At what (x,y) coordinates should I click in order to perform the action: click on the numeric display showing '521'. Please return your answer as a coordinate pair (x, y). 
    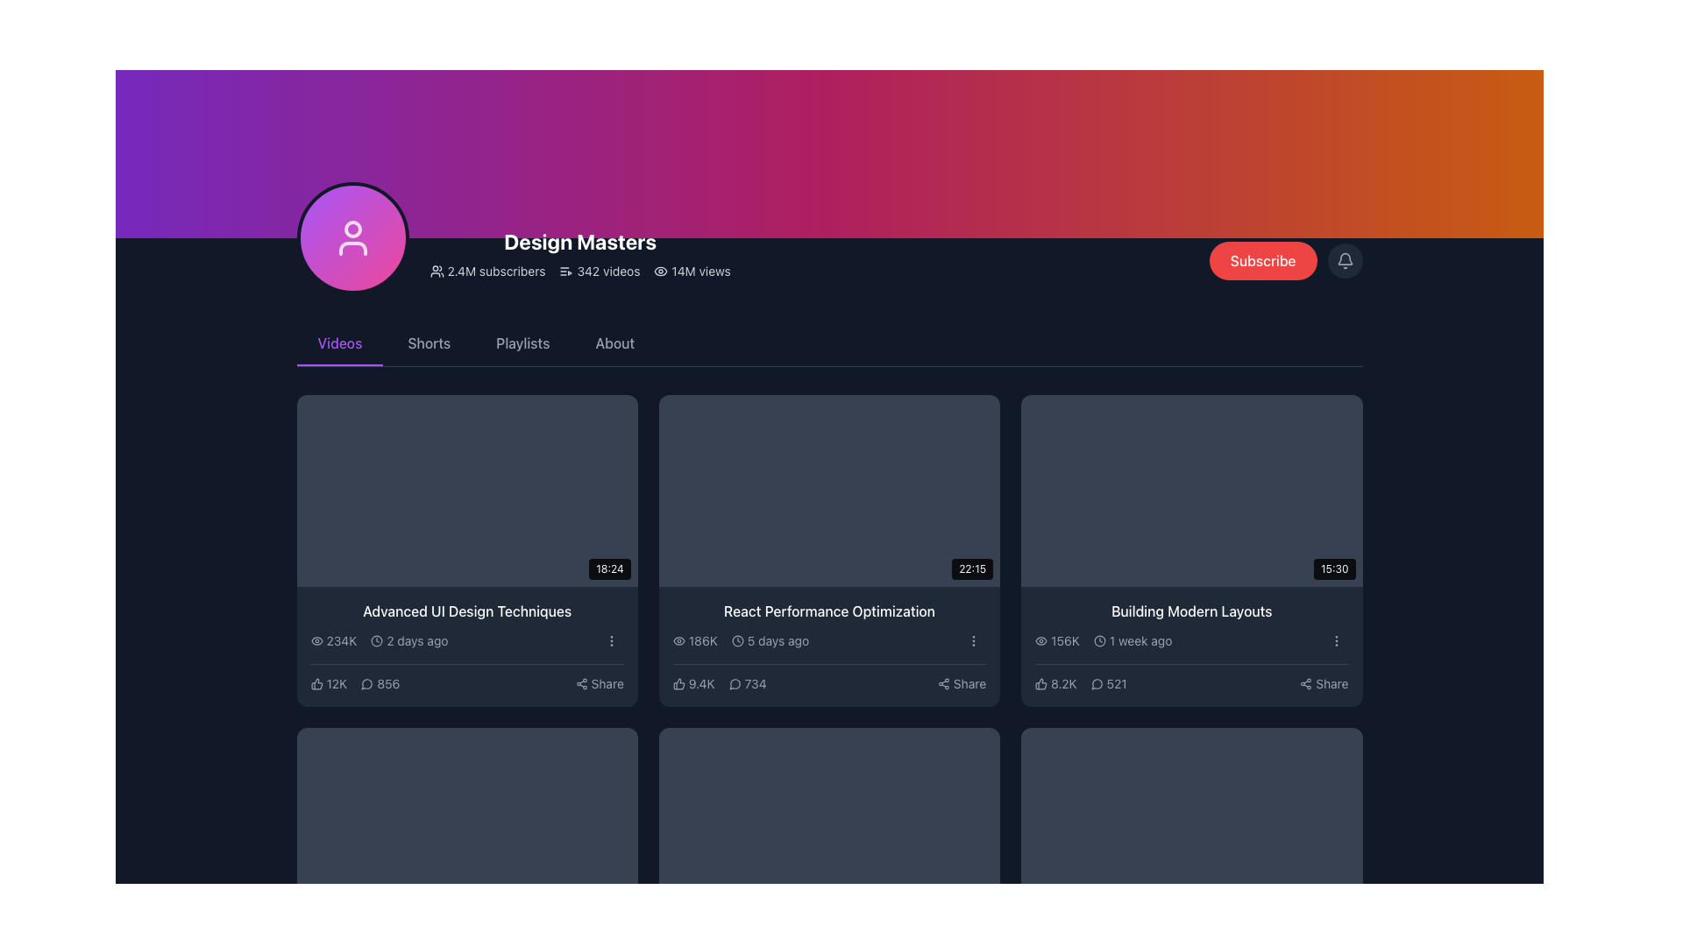
    Looking at the image, I should click on (1108, 682).